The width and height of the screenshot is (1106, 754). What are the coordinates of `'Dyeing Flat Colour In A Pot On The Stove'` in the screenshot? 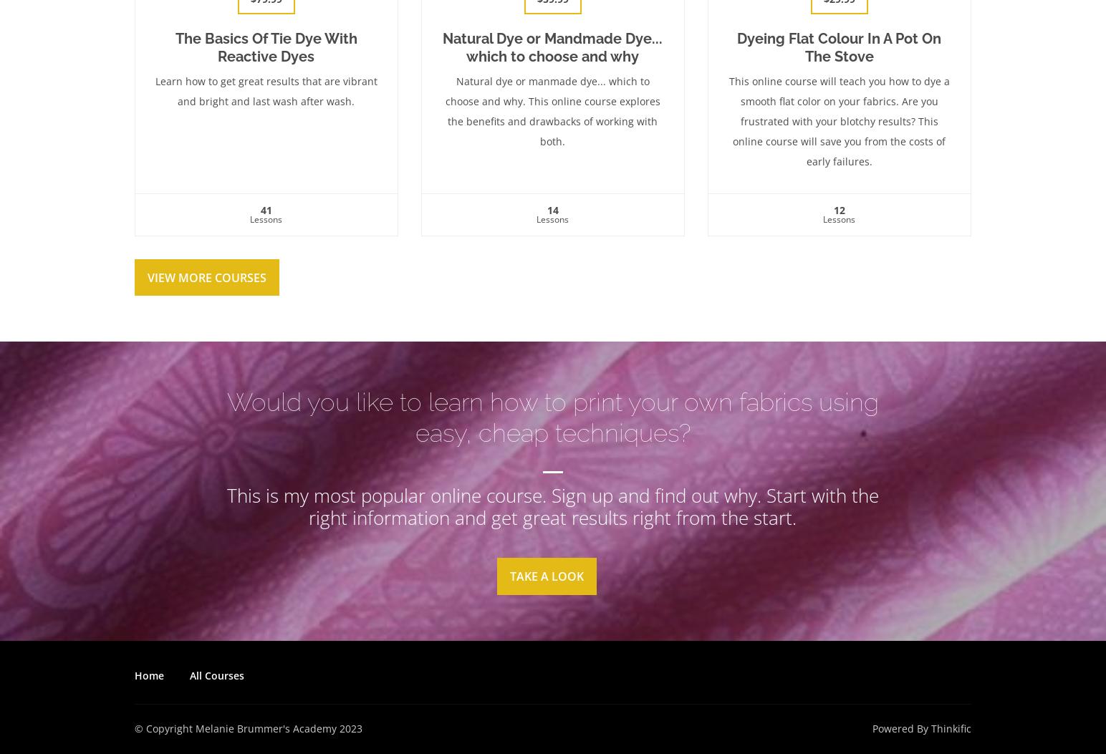 It's located at (838, 46).